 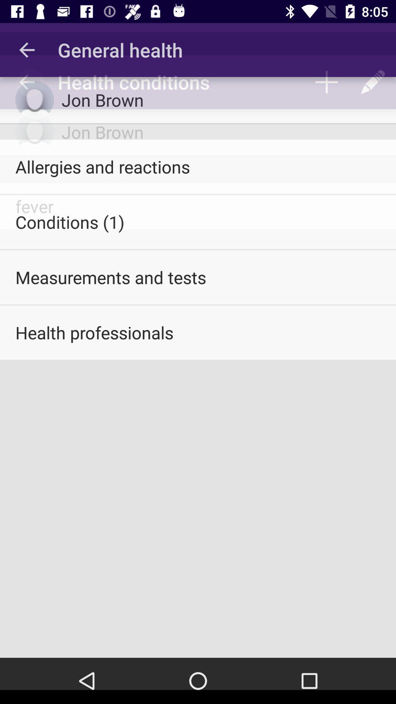 What do you see at coordinates (198, 277) in the screenshot?
I see `item above health professionals  item` at bounding box center [198, 277].